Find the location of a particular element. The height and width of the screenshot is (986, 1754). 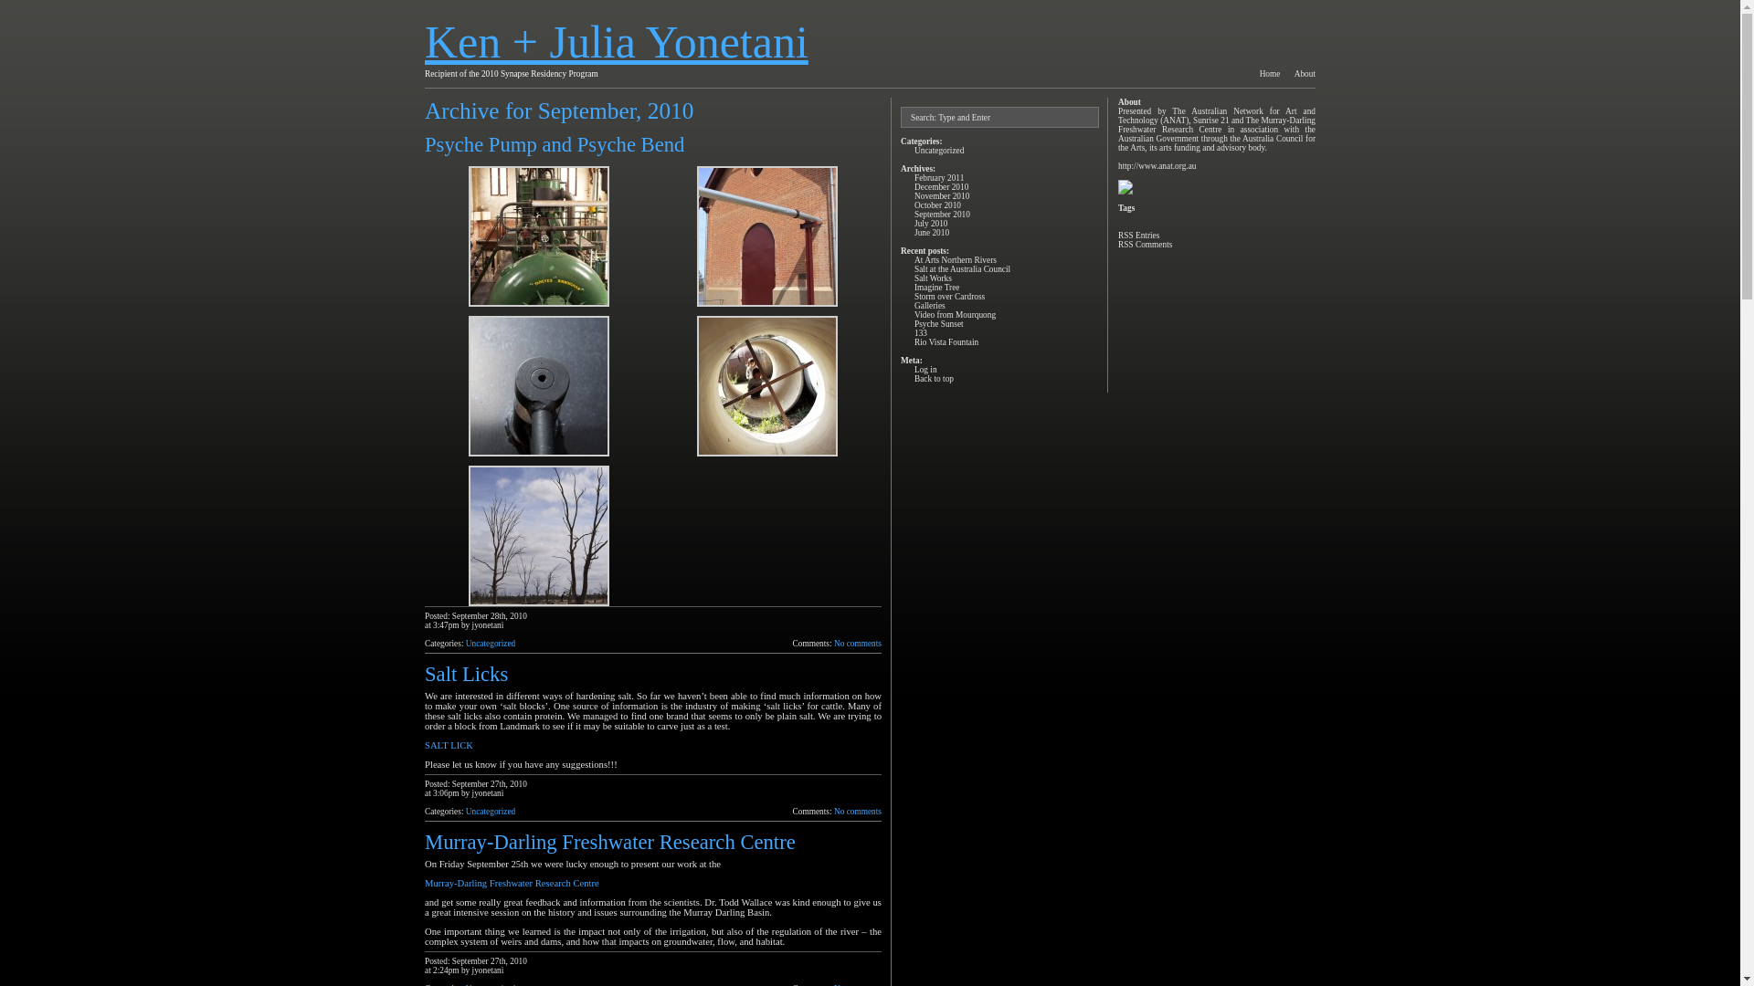

'Psyche Sunset' is located at coordinates (938, 322).